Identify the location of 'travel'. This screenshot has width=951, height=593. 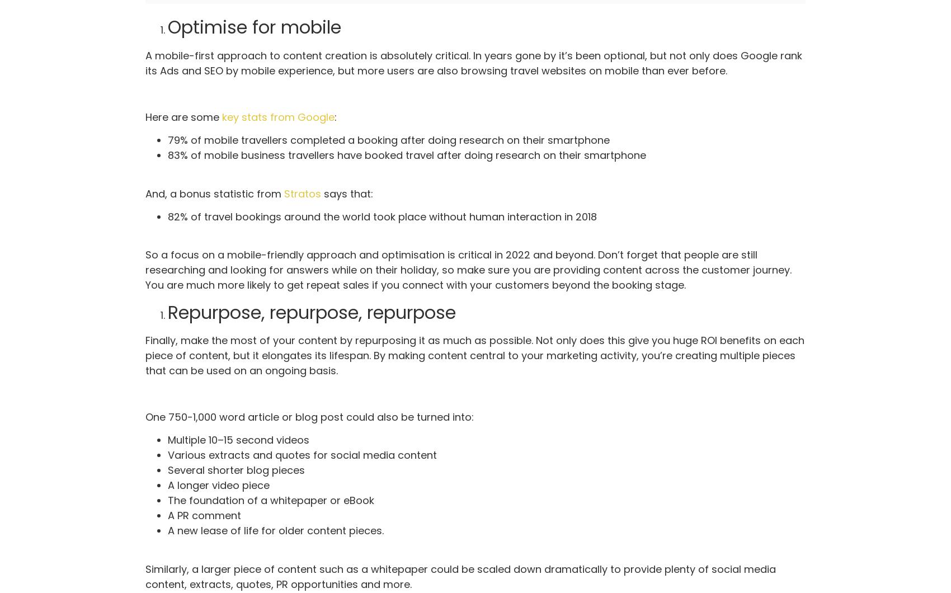
(524, 70).